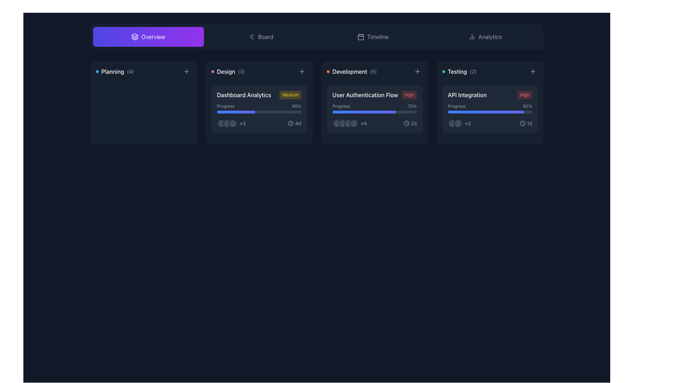  I want to click on the 'Analytics' button in the navigation bar for visual feedback, which displays the text 'Analytics' in lighter gray color and an icon resembling a bar chart to its left, so click(484, 37).